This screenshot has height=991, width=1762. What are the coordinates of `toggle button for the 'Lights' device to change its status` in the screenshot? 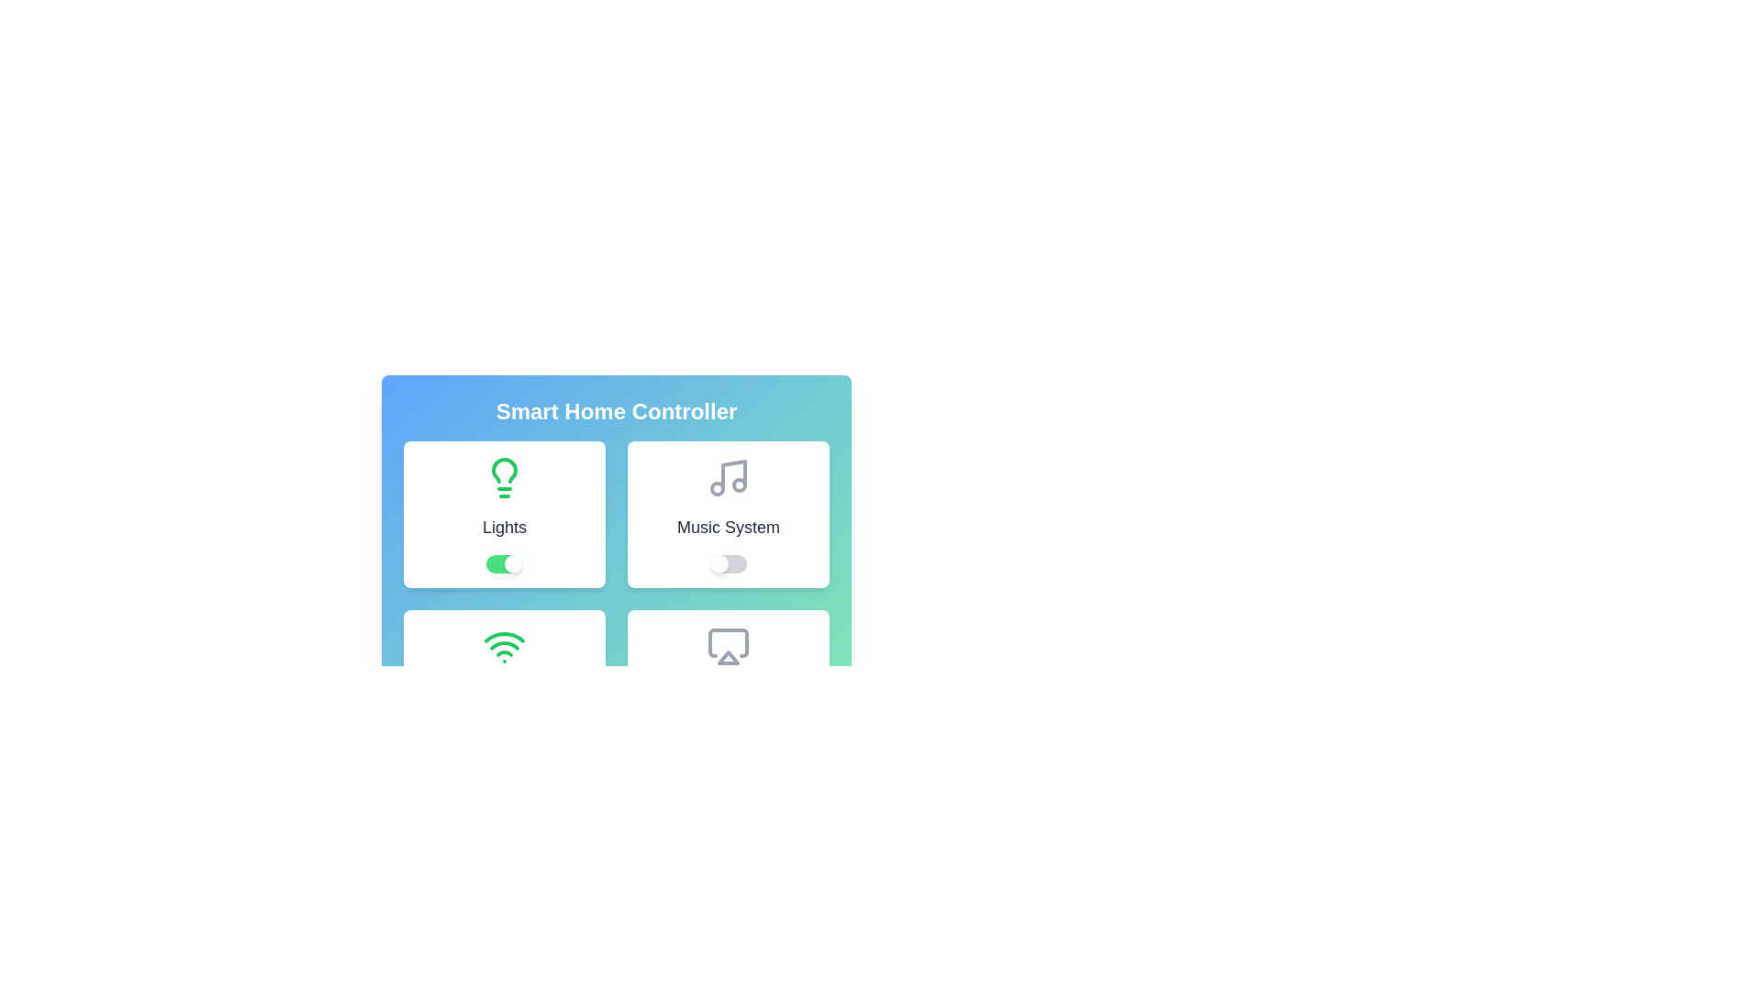 It's located at (505, 562).